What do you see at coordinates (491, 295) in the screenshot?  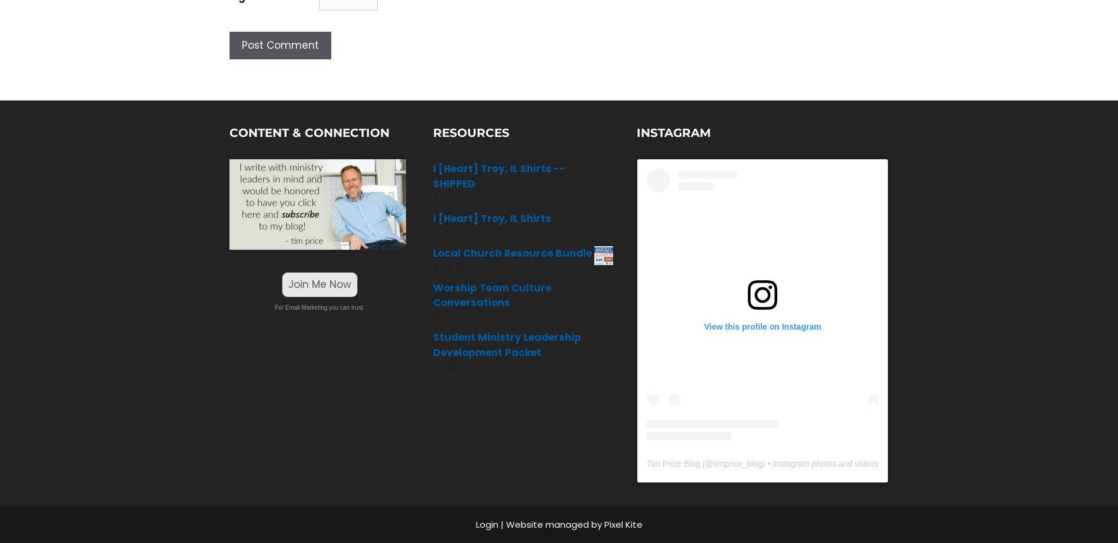 I see `'Worship Team Culture Conversations'` at bounding box center [491, 295].